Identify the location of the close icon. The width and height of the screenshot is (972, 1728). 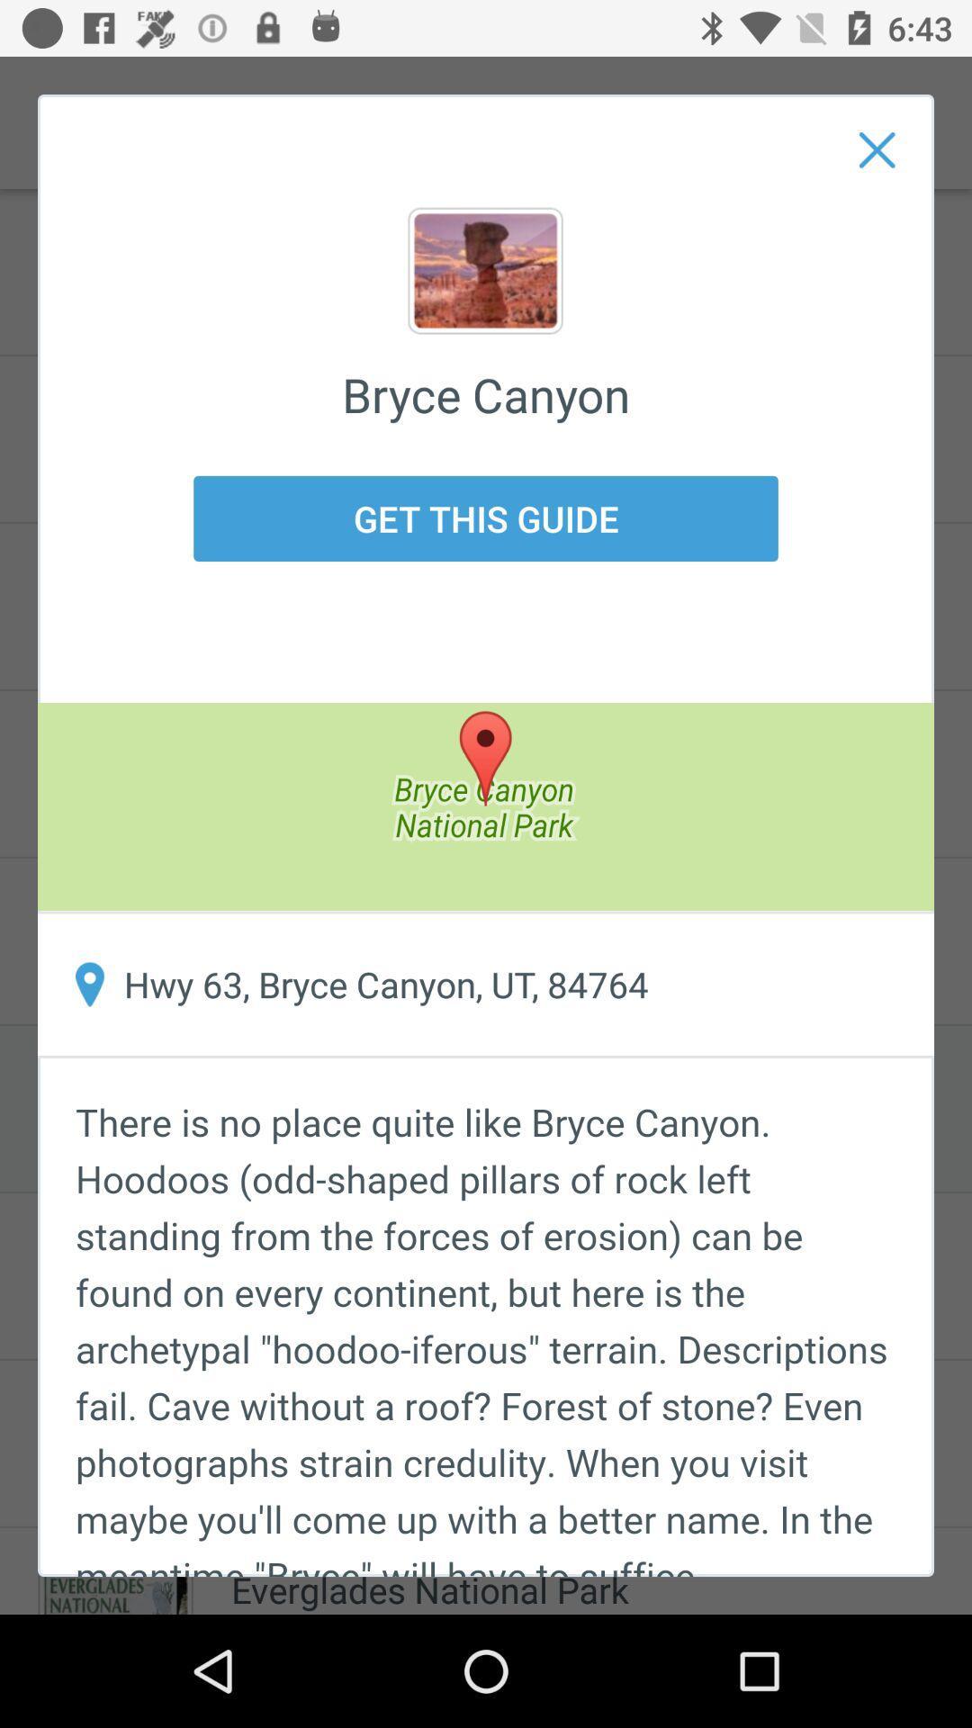
(877, 150).